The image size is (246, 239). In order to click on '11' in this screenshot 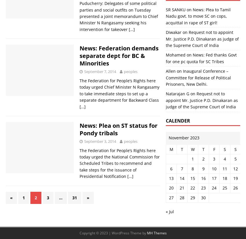, I will do `click(222, 168)`.